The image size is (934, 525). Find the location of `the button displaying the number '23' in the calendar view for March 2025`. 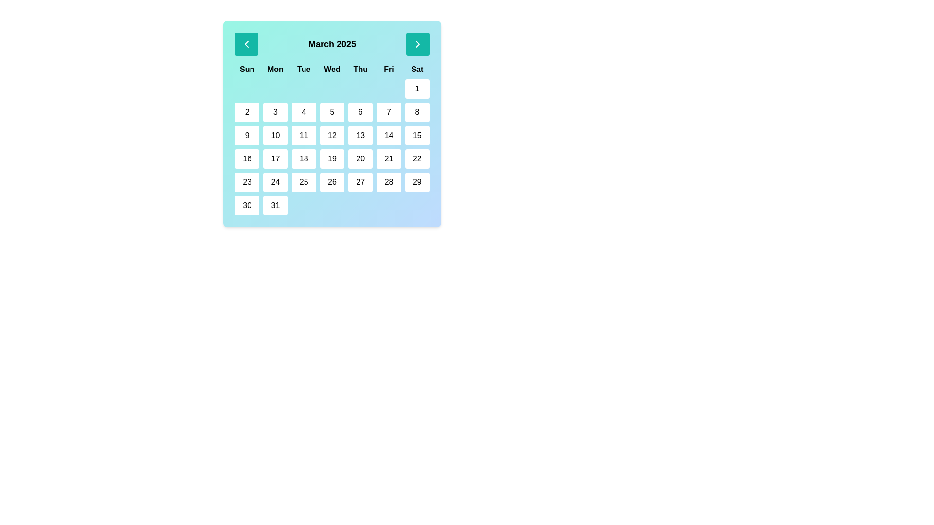

the button displaying the number '23' in the calendar view for March 2025 is located at coordinates (247, 182).